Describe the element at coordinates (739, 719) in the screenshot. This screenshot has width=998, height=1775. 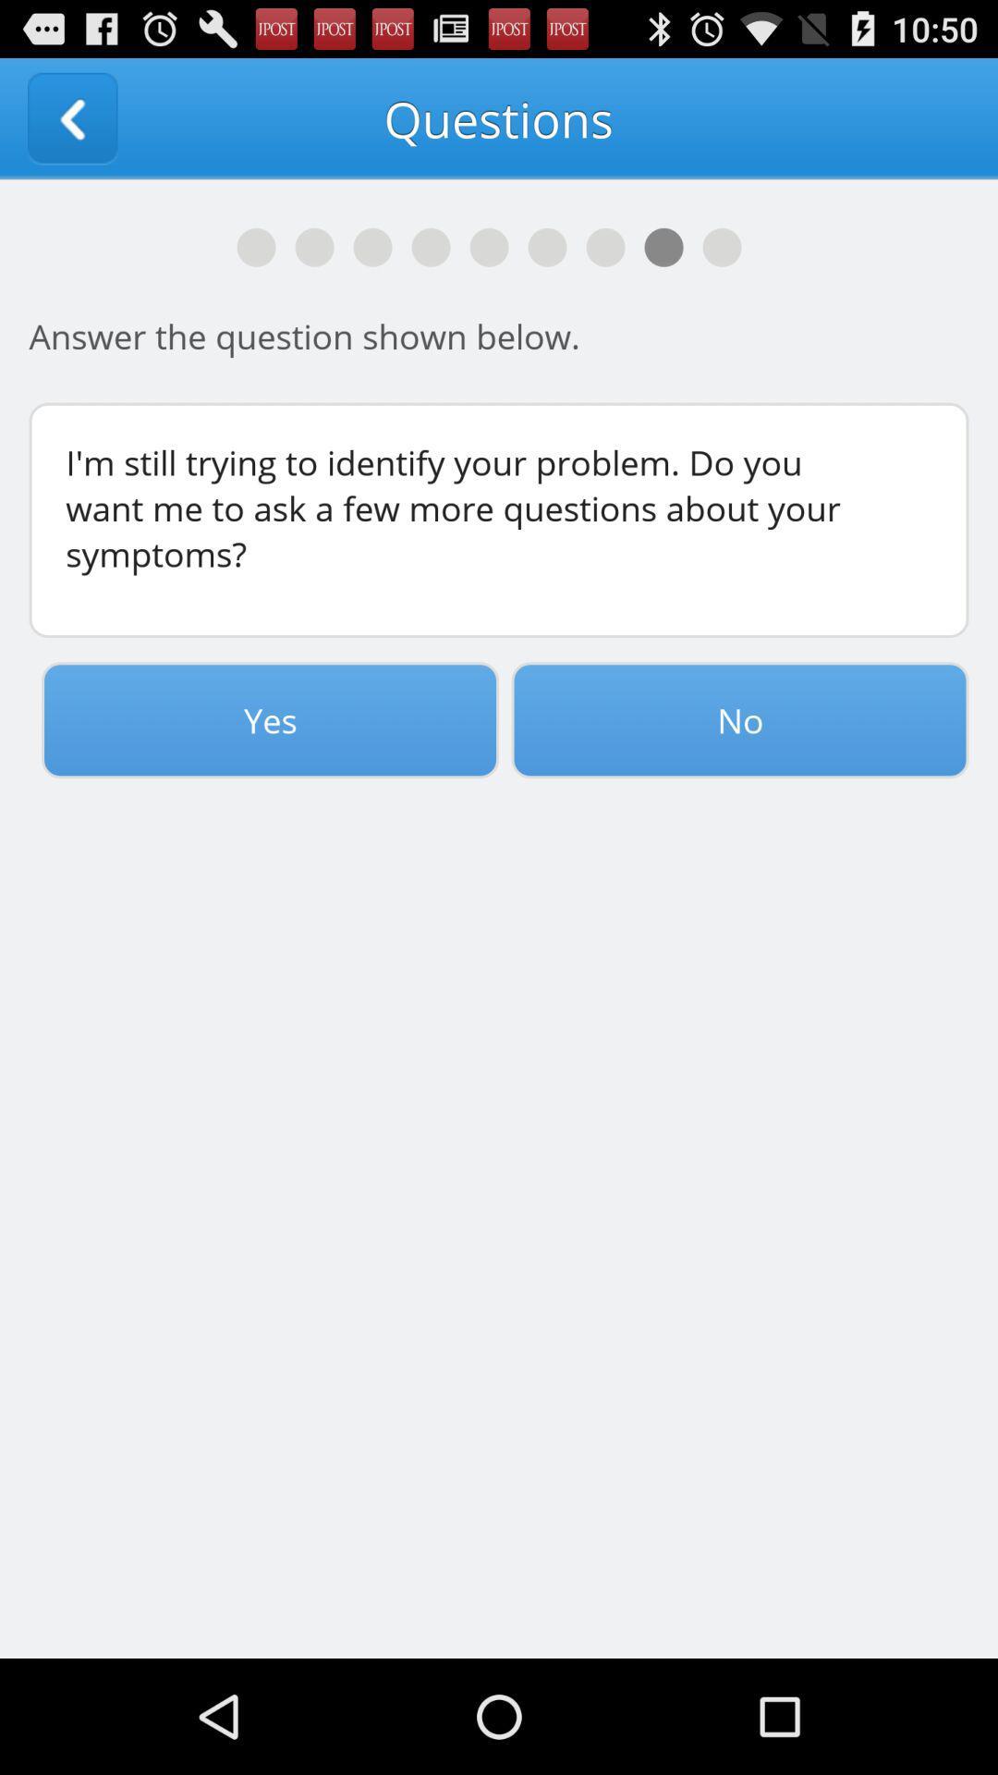
I see `the icon on the right` at that location.